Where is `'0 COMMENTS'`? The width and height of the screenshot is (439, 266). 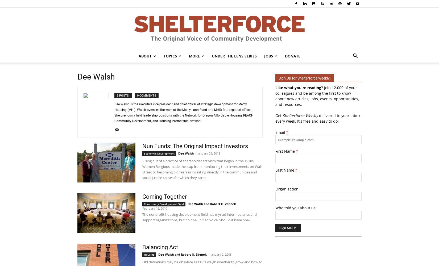 '0 COMMENTS' is located at coordinates (146, 95).